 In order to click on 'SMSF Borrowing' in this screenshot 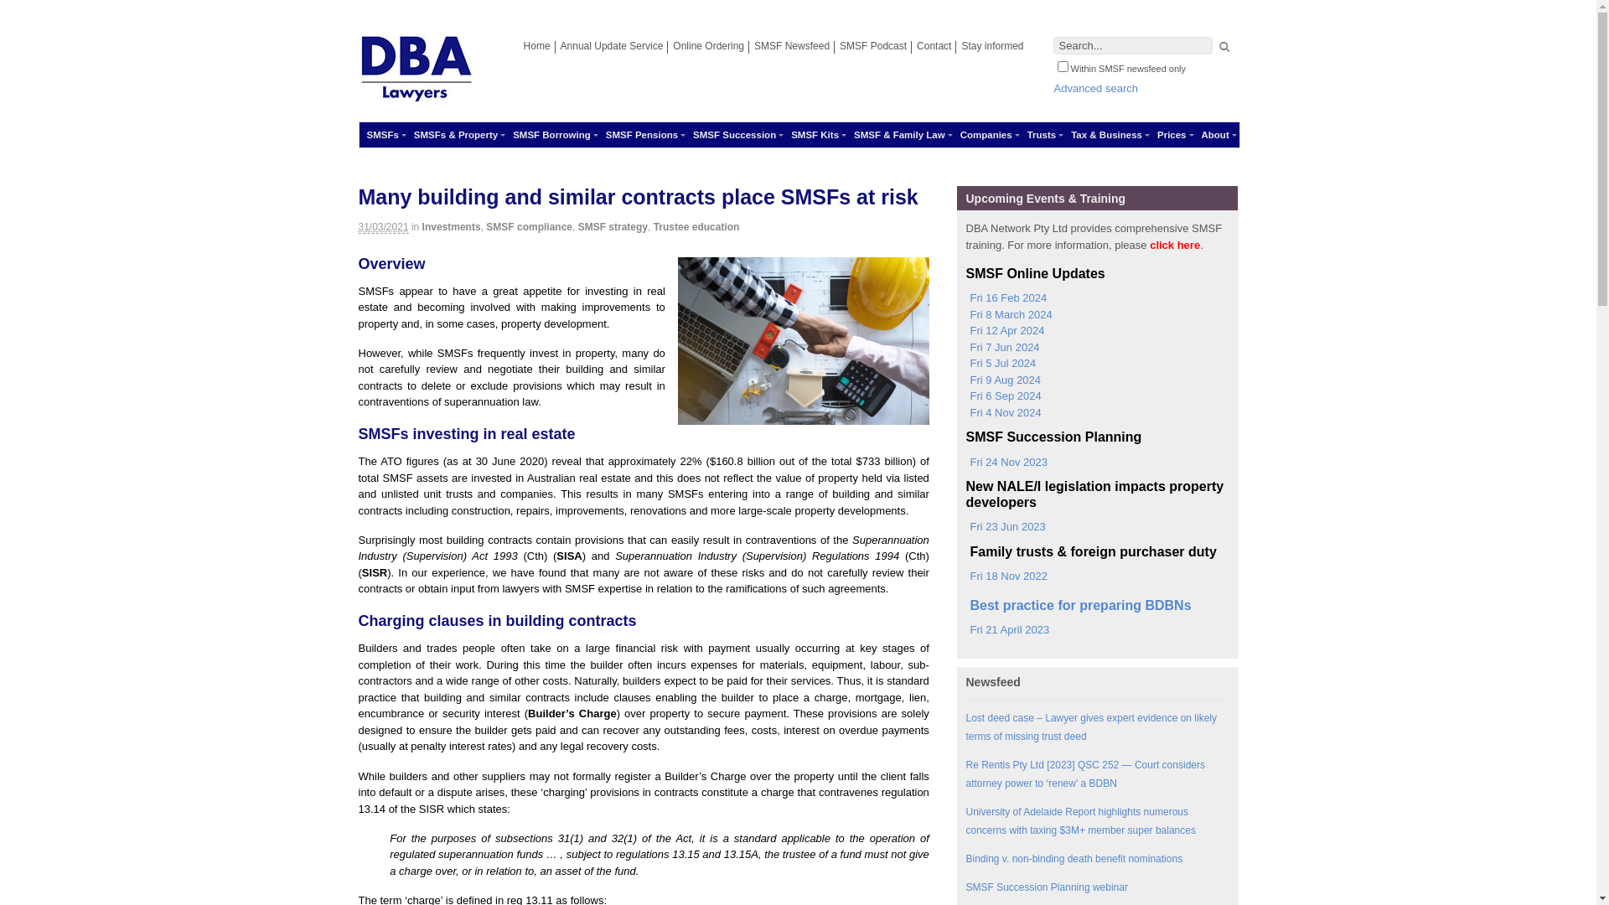, I will do `click(551, 134)`.